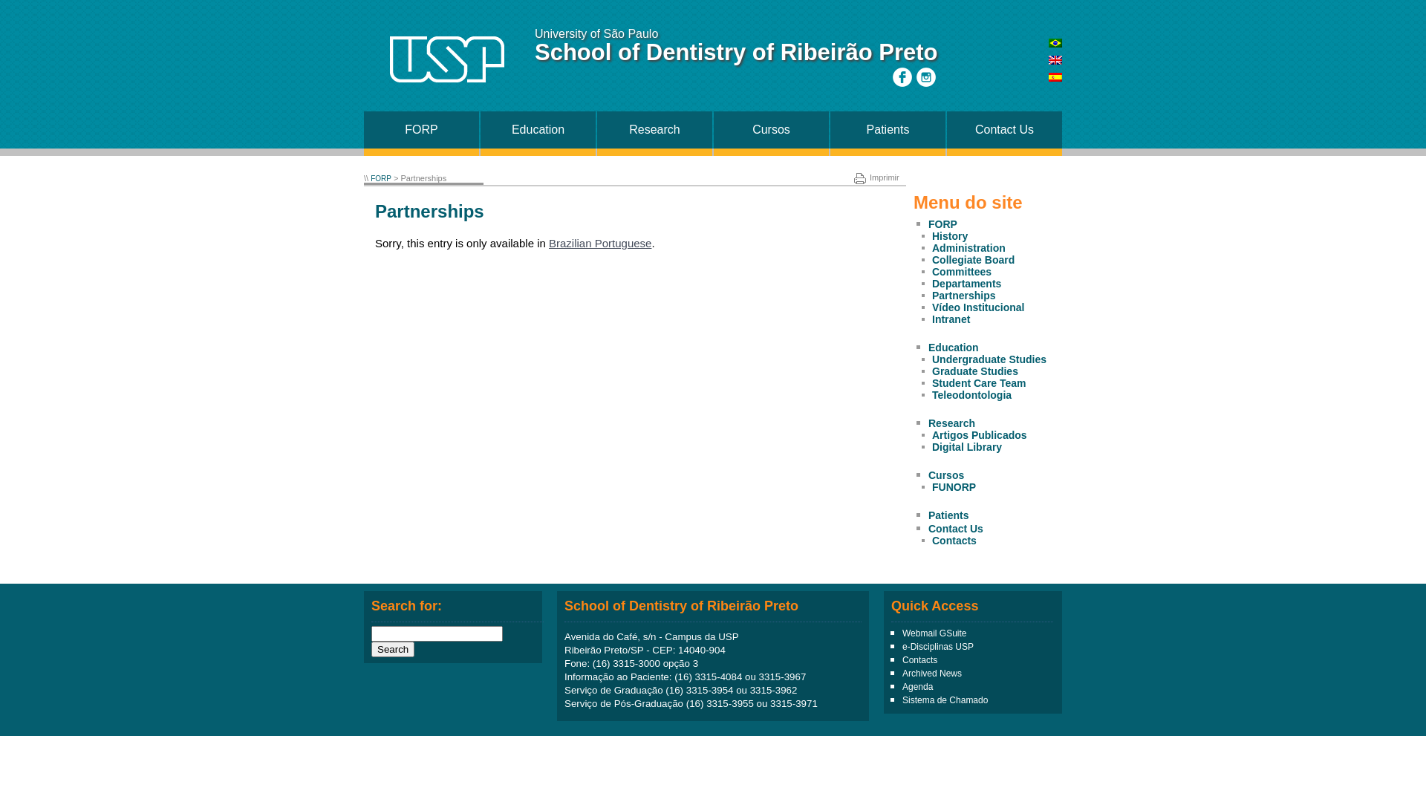  I want to click on 'FUNORP', so click(931, 486).